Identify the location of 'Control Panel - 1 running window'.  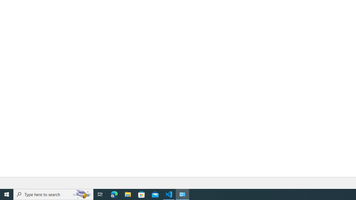
(182, 194).